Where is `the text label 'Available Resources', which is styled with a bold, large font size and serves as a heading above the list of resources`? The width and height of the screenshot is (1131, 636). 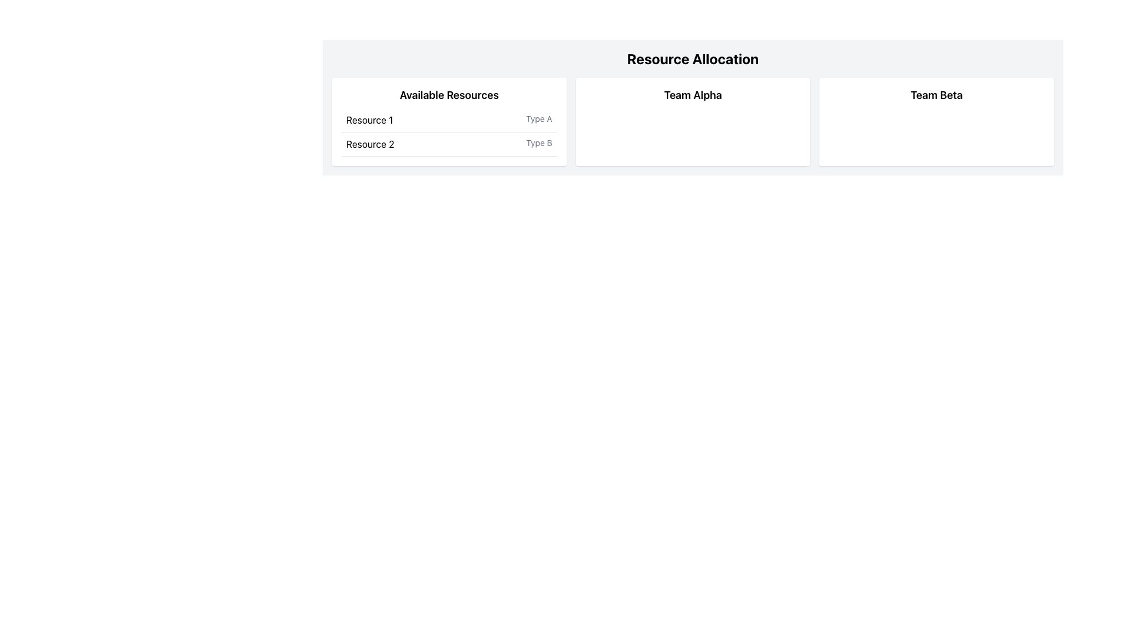
the text label 'Available Resources', which is styled with a bold, large font size and serves as a heading above the list of resources is located at coordinates (448, 95).